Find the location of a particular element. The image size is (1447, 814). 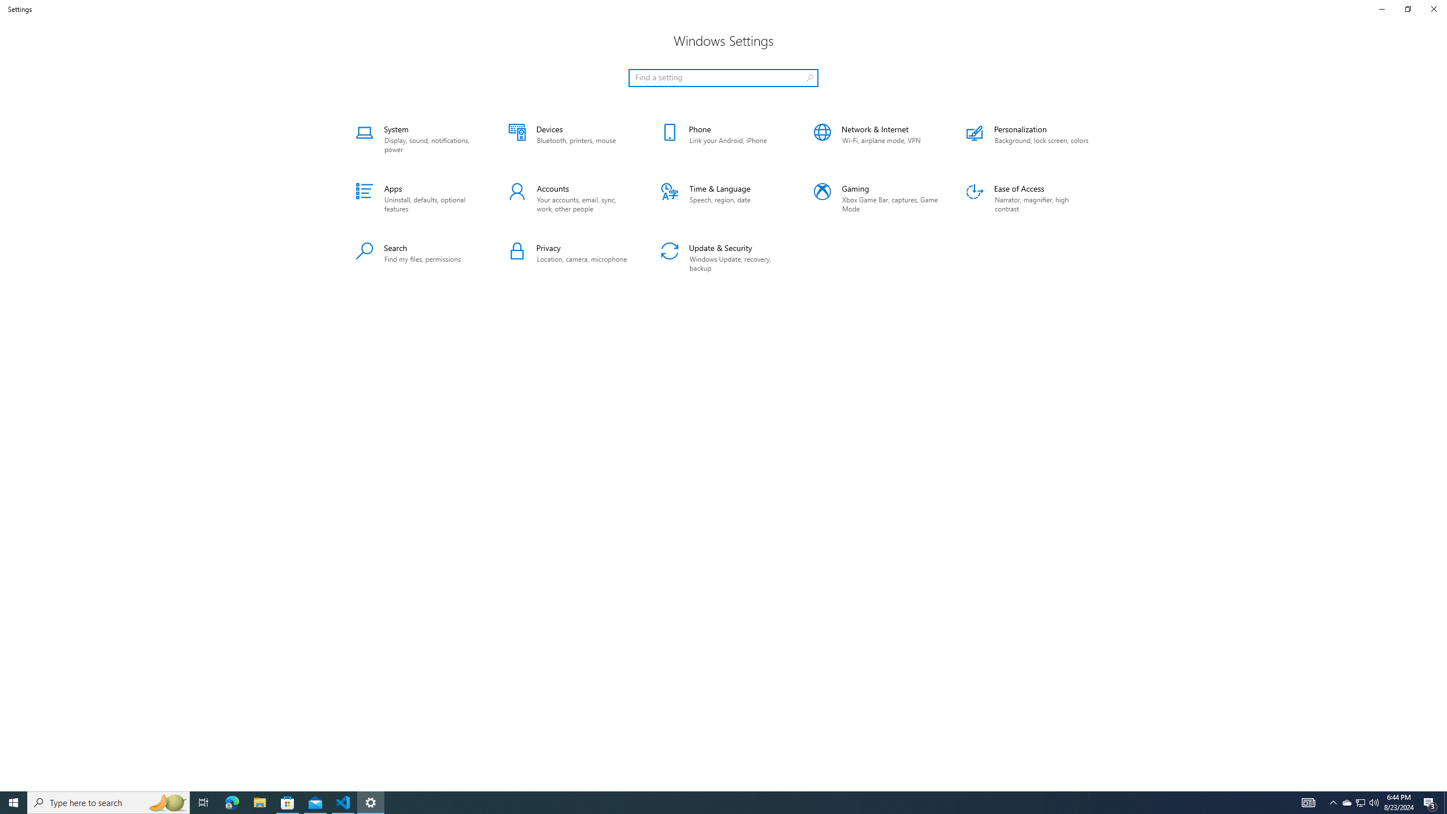

'Restore Settings' is located at coordinates (1407, 8).